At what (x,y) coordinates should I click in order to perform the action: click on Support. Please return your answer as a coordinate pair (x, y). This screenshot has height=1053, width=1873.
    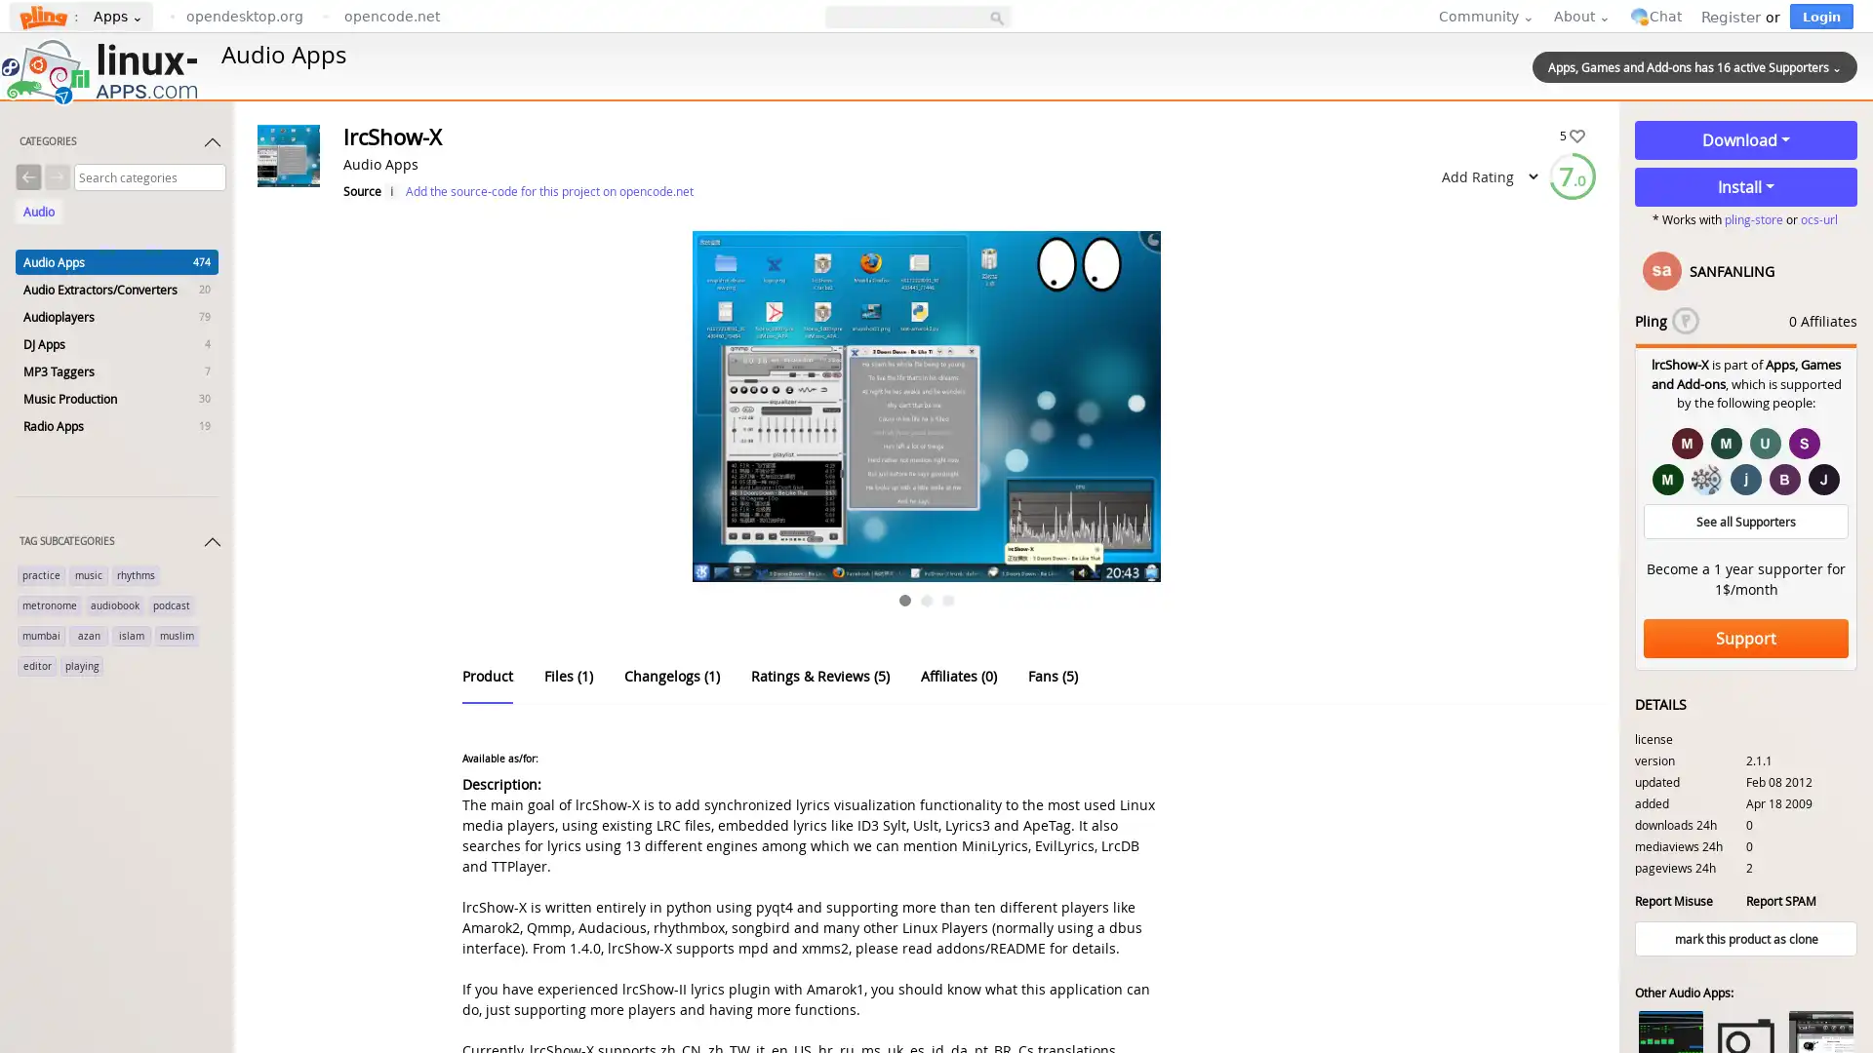
    Looking at the image, I should click on (1746, 638).